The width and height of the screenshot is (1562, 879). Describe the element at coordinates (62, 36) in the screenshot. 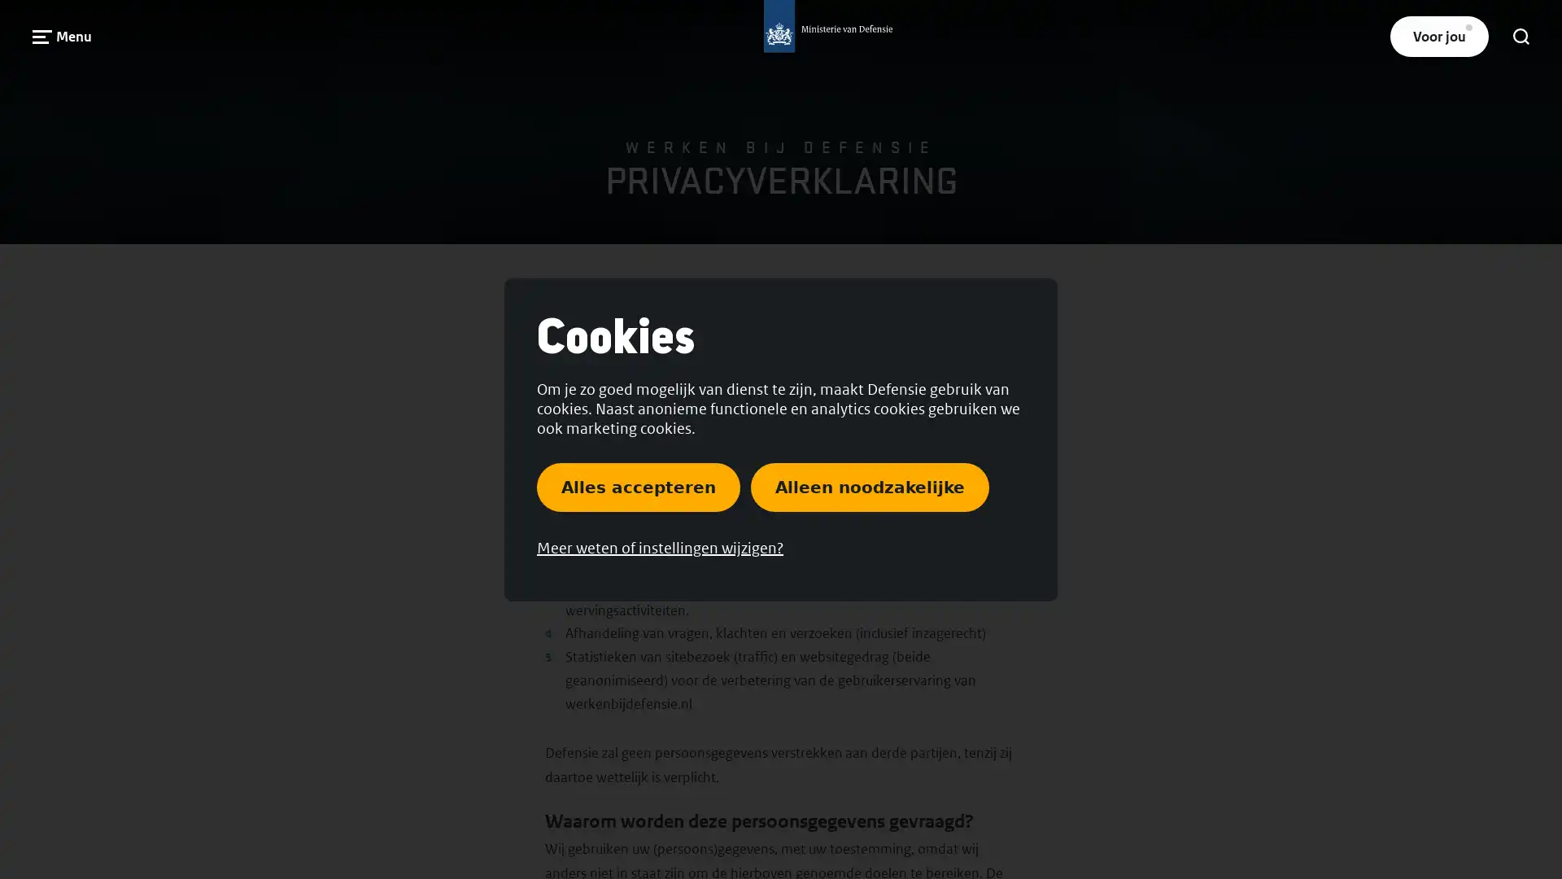

I see `Menu openen` at that location.